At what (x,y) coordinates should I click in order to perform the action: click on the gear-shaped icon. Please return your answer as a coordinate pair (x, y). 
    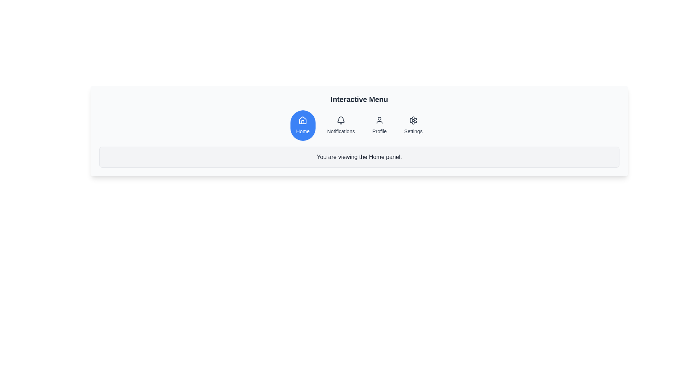
    Looking at the image, I should click on (413, 120).